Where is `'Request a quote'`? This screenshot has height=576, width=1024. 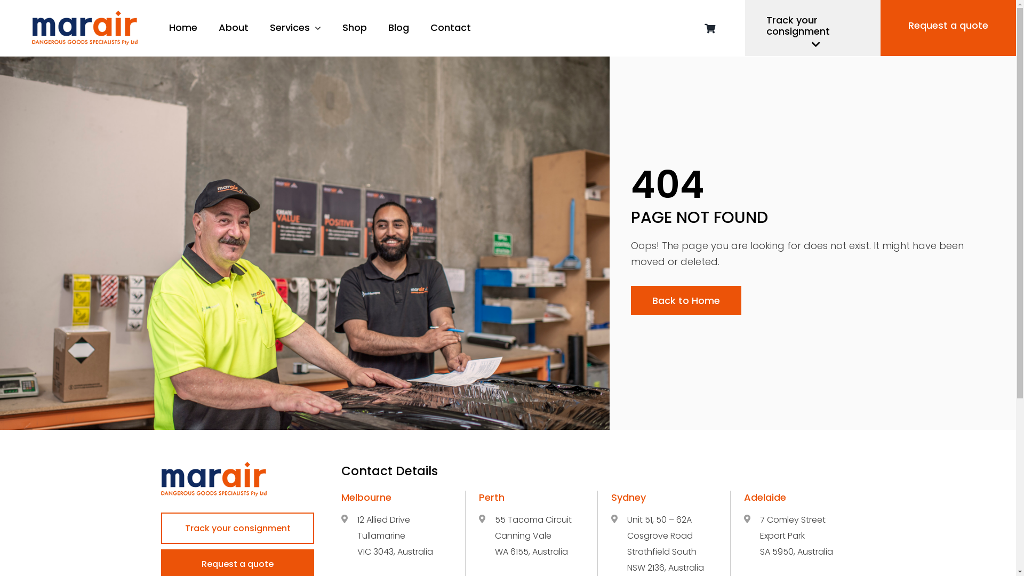 'Request a quote' is located at coordinates (948, 27).